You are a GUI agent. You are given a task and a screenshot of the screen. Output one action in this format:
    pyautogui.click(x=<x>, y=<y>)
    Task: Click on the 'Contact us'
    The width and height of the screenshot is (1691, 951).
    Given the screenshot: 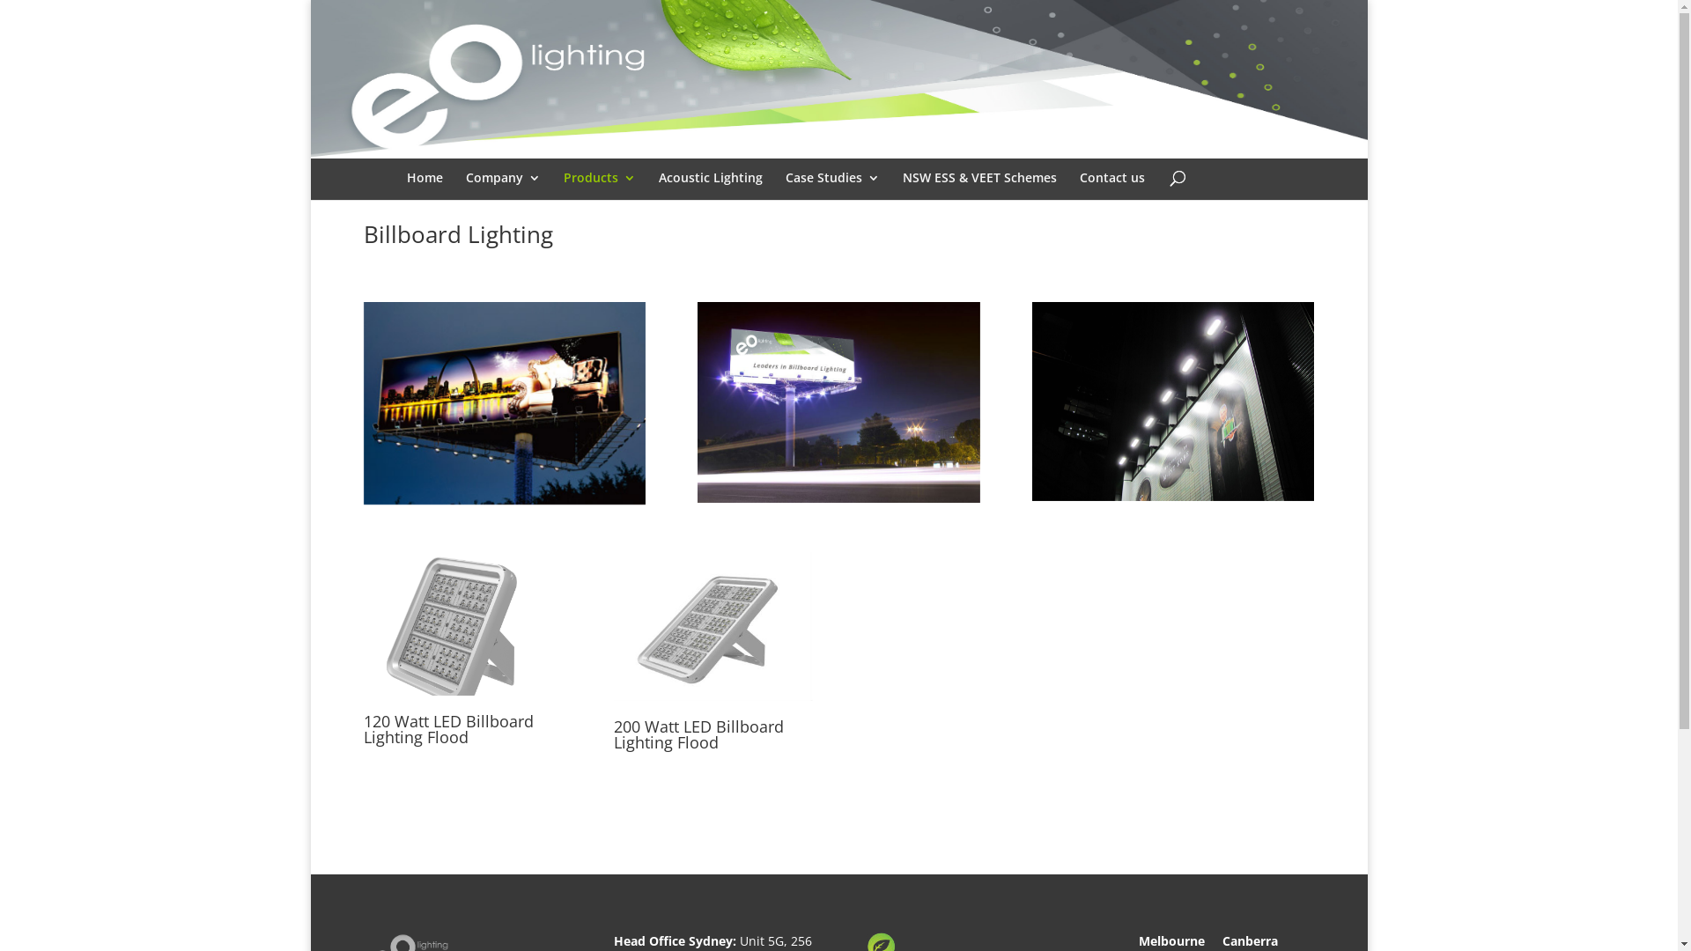 What is the action you would take?
    pyautogui.click(x=1111, y=190)
    